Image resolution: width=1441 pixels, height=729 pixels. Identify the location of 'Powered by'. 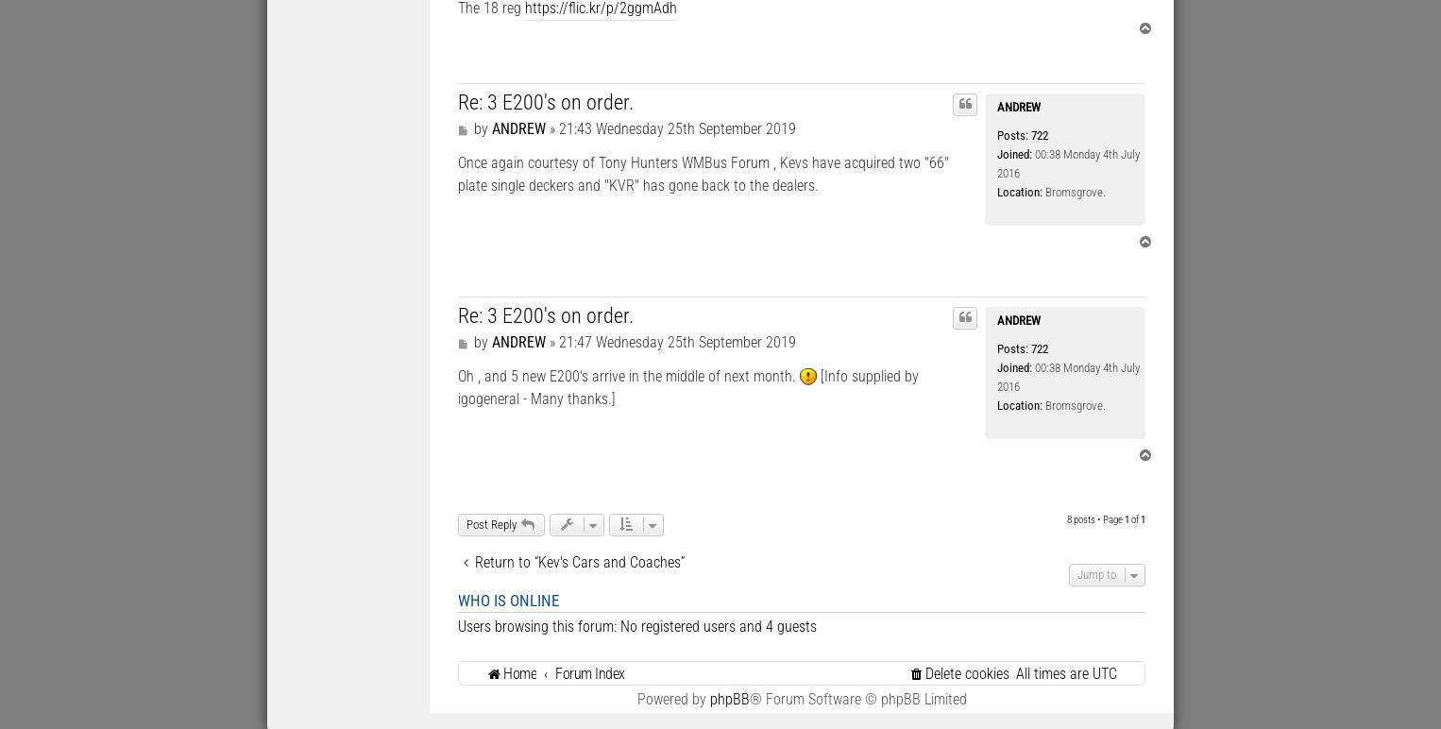
(672, 698).